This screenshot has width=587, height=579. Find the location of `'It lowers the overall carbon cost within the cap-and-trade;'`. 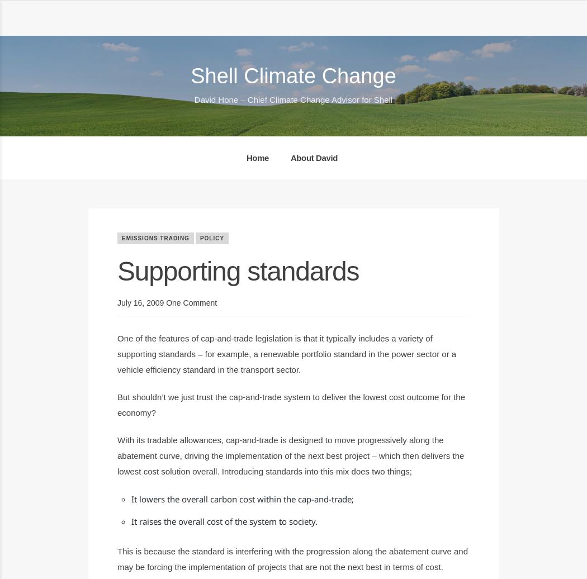

'It lowers the overall carbon cost within the cap-and-trade;' is located at coordinates (242, 498).